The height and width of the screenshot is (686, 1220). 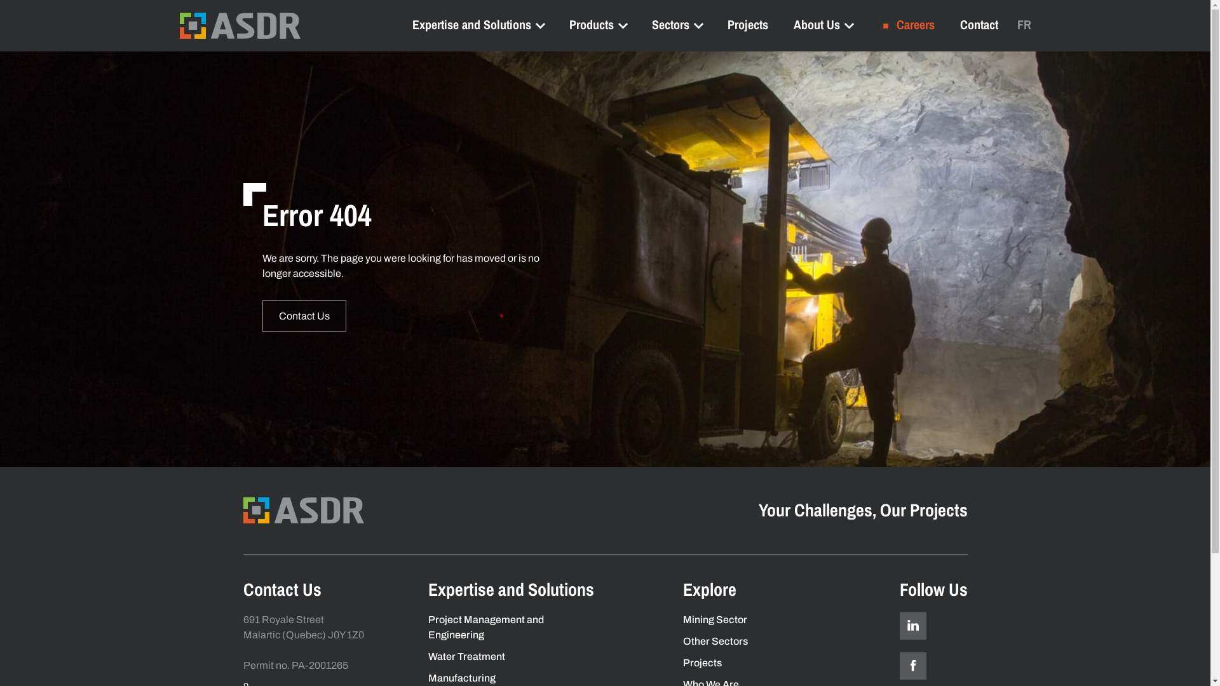 I want to click on 'Products', so click(x=597, y=24).